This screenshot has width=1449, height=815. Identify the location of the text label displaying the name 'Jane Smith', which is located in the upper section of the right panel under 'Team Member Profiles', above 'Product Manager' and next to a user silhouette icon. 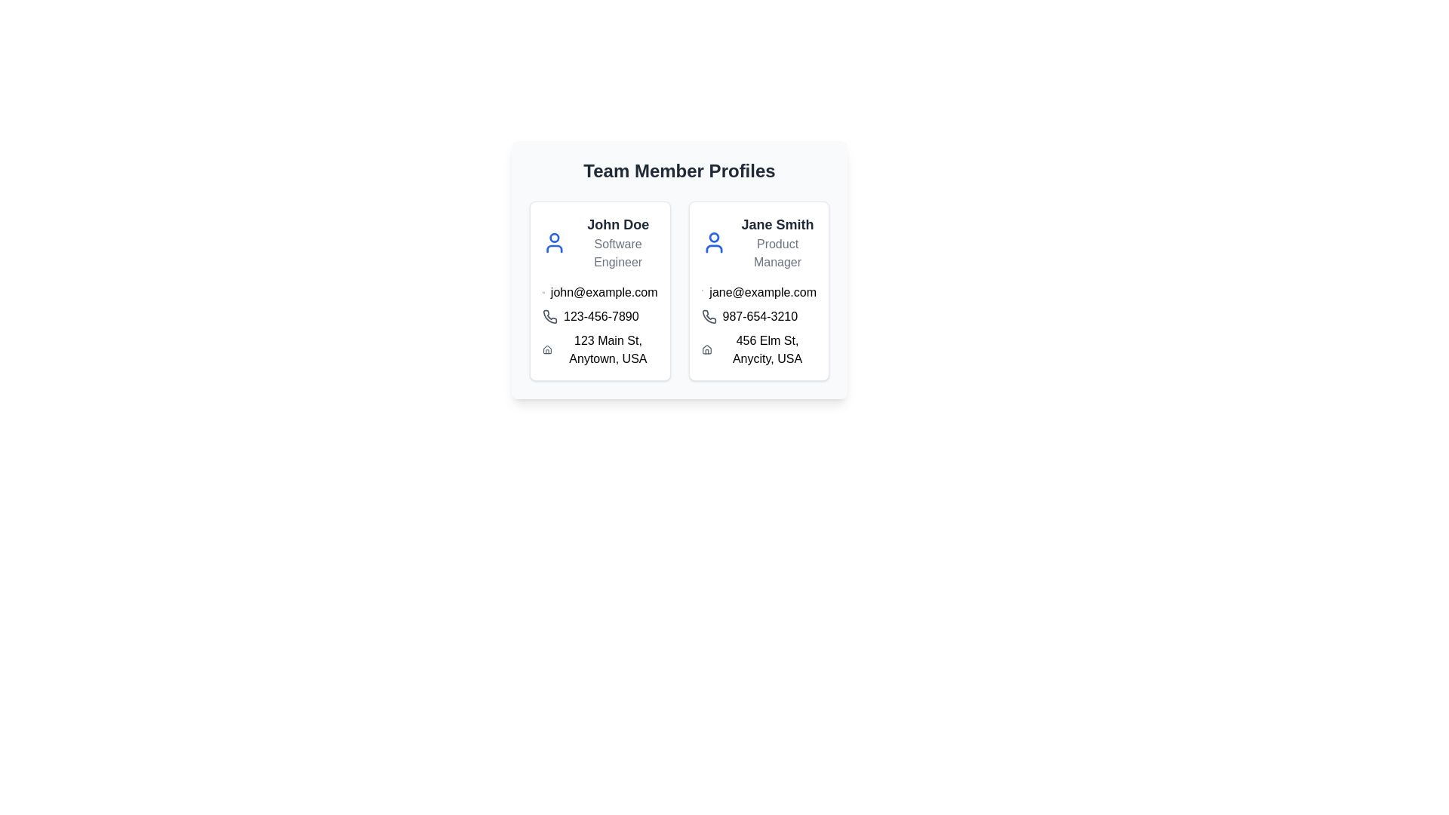
(777, 224).